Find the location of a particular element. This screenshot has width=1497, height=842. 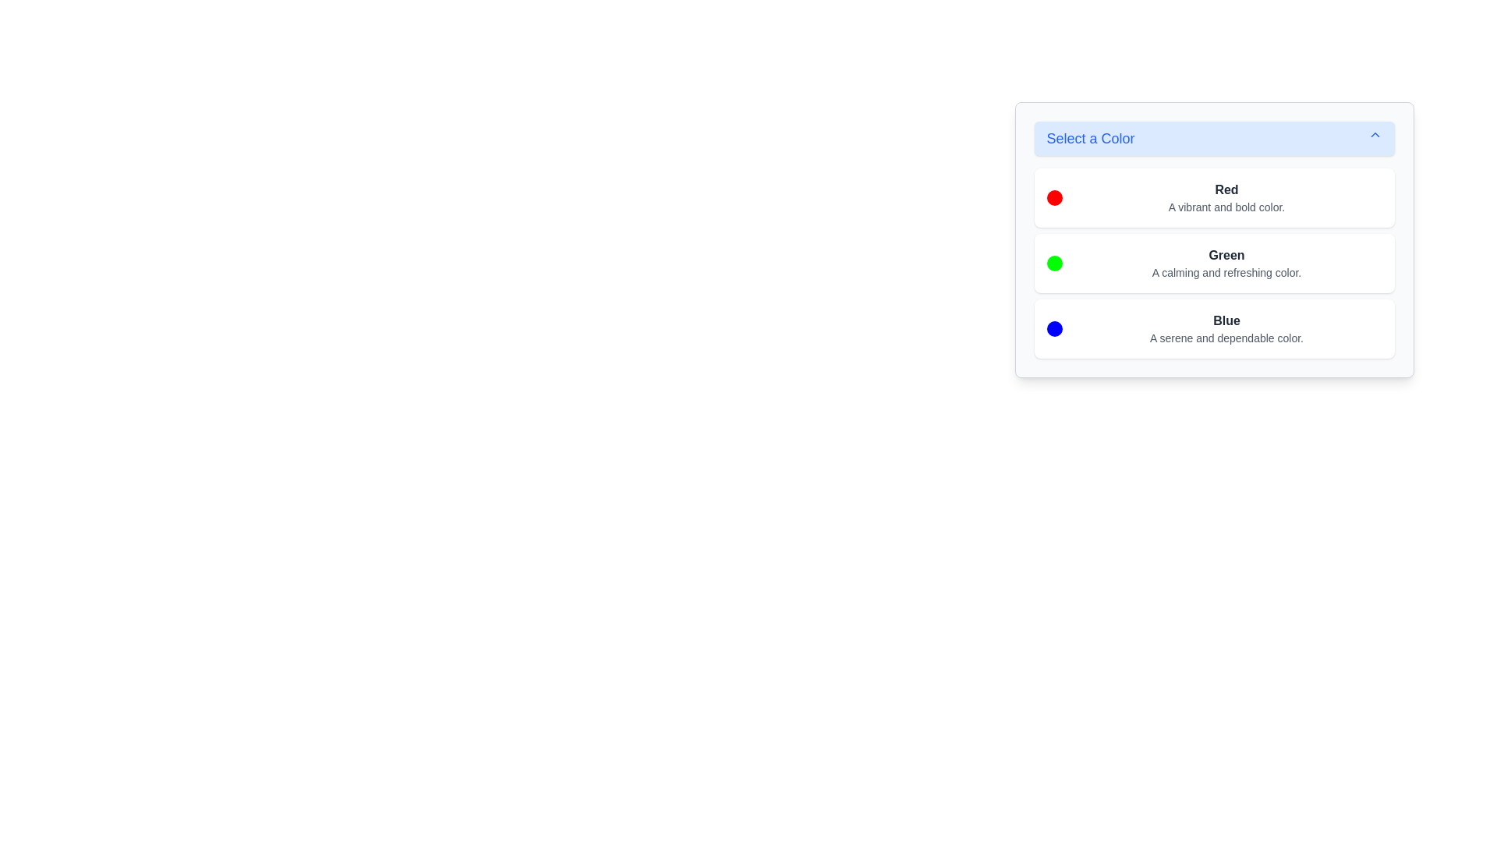

the chevron icon button located on the right side of the header bar labeled 'Select a Color' is located at coordinates (1375, 134).